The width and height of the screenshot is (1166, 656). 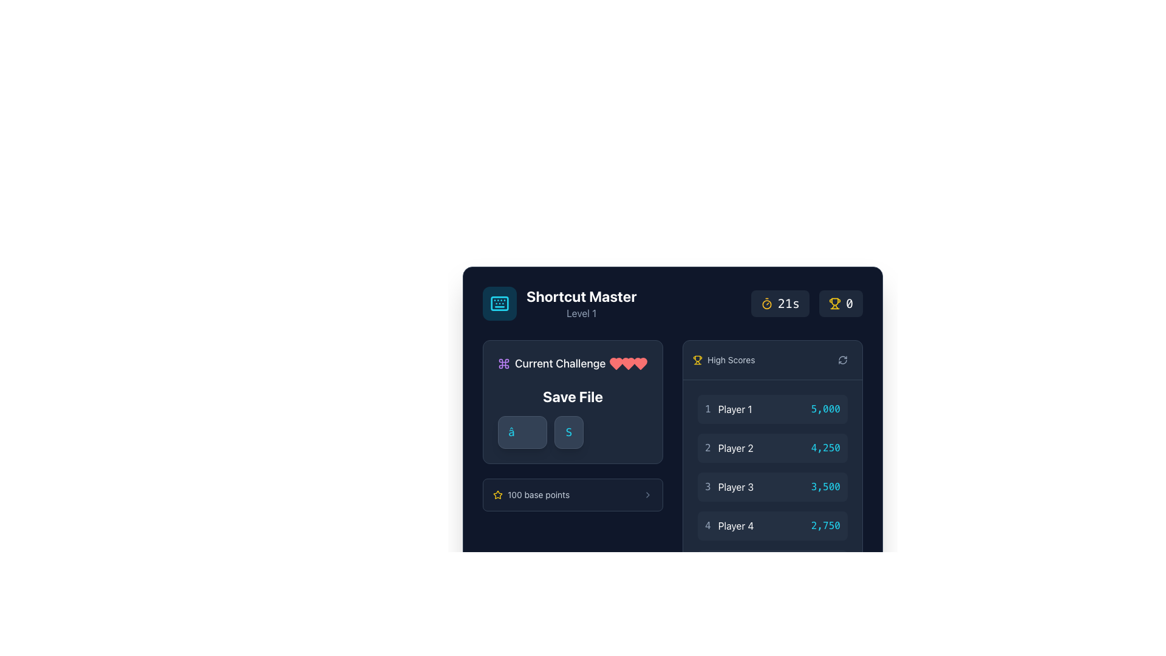 What do you see at coordinates (842, 360) in the screenshot?
I see `the circular refresh icon button located in the top right corner of the 'High Scores' section` at bounding box center [842, 360].